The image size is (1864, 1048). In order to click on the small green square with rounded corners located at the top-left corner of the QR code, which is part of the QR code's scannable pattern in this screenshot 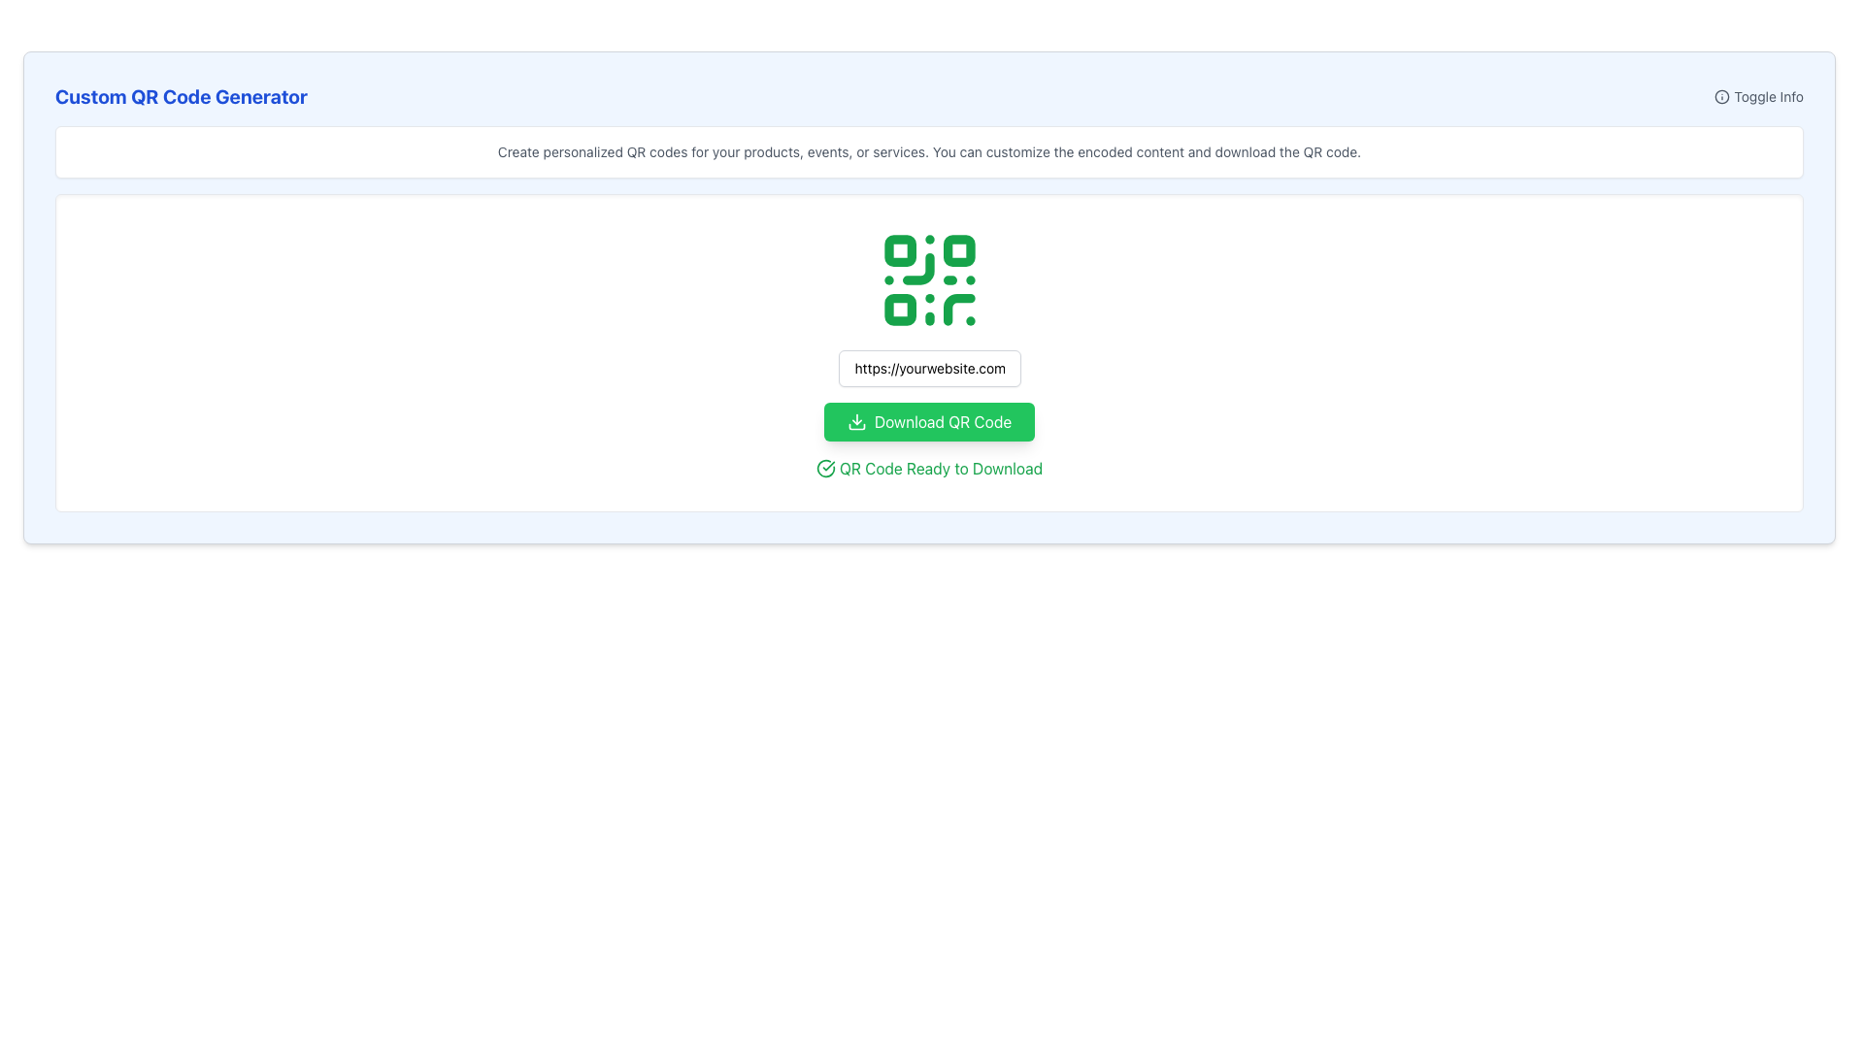, I will do `click(899, 249)`.